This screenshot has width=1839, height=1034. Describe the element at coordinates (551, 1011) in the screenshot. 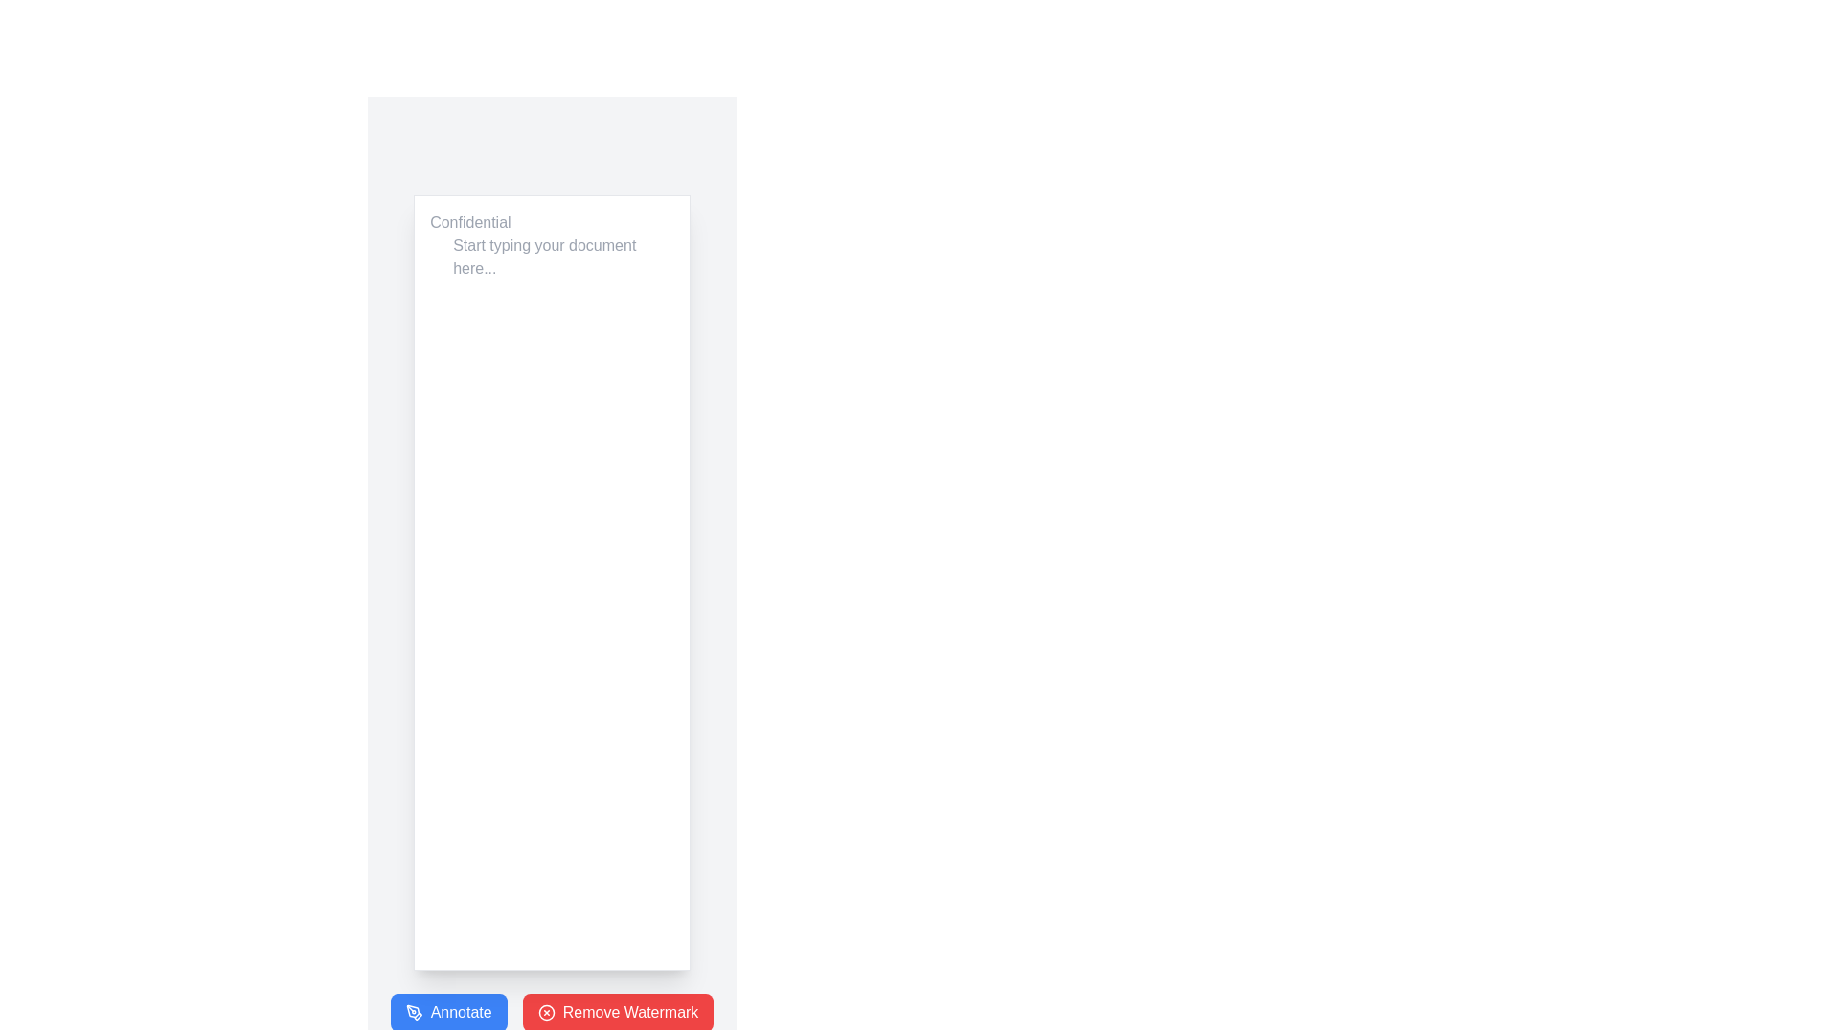

I see `the grouped interactive element containing the 'Annotate' and 'Remove Watermark' buttons` at that location.